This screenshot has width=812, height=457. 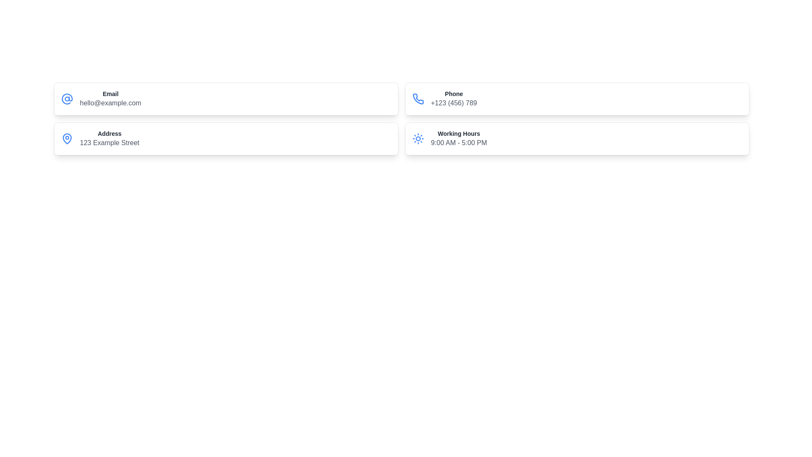 What do you see at coordinates (453, 94) in the screenshot?
I see `the text label that serves as the title for the phone contact information, located in the top-right quadrant of the page` at bounding box center [453, 94].